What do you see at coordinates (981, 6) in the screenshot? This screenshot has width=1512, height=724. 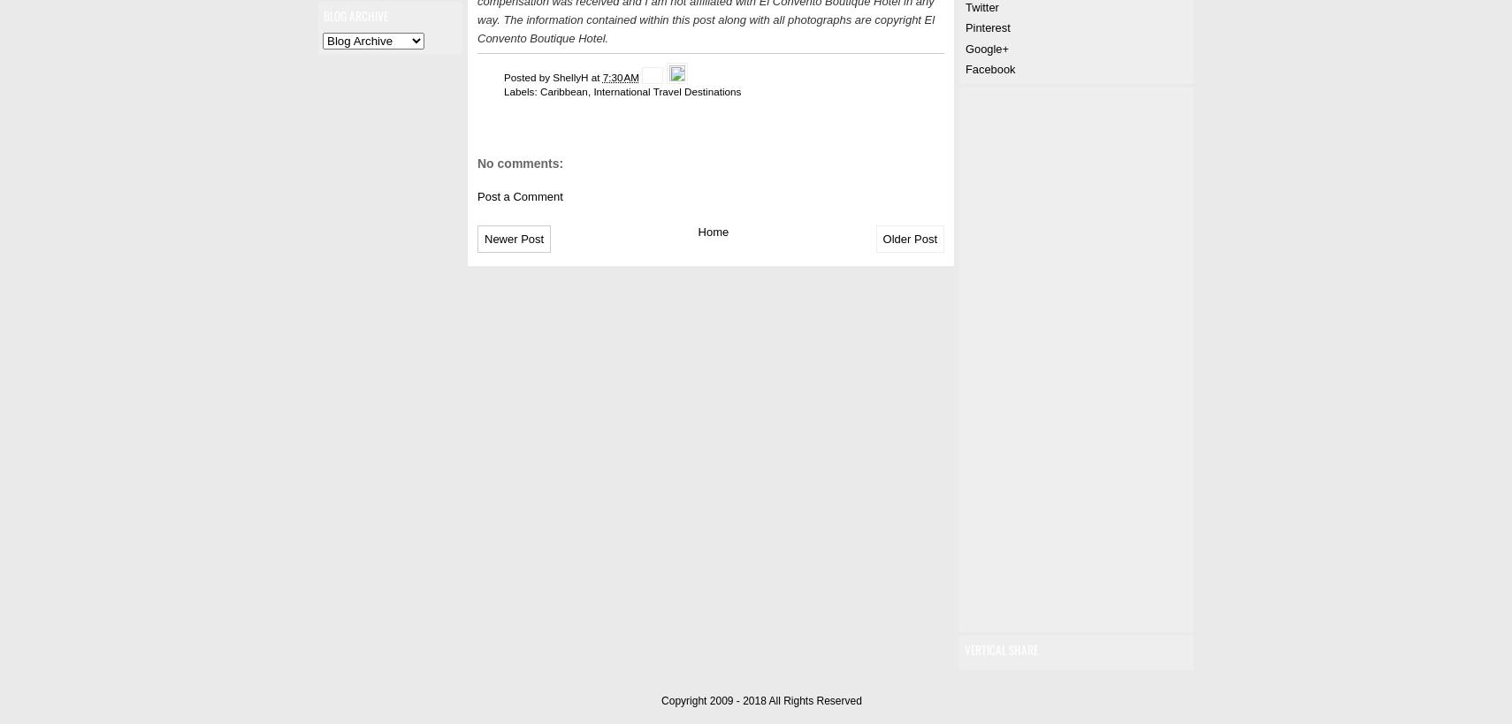 I see `'Twitter'` at bounding box center [981, 6].